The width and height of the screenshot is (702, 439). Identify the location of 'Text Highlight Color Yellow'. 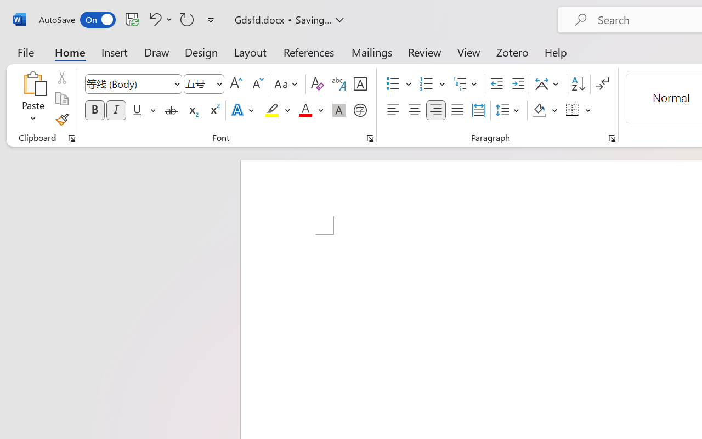
(272, 110).